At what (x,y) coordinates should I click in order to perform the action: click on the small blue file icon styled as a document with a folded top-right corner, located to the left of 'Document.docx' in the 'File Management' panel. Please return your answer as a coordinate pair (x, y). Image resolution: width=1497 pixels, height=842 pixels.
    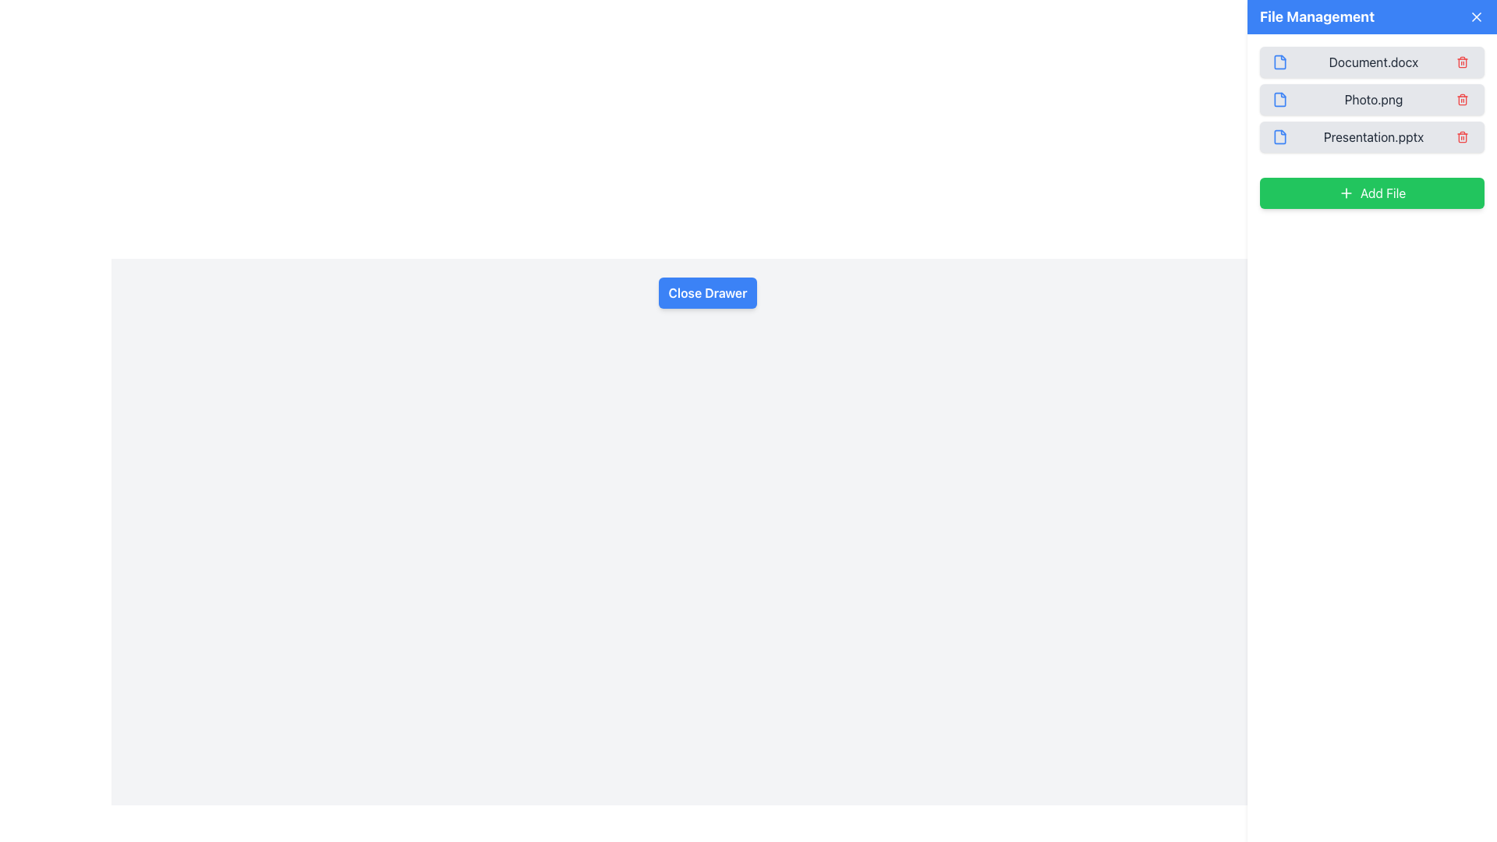
    Looking at the image, I should click on (1279, 62).